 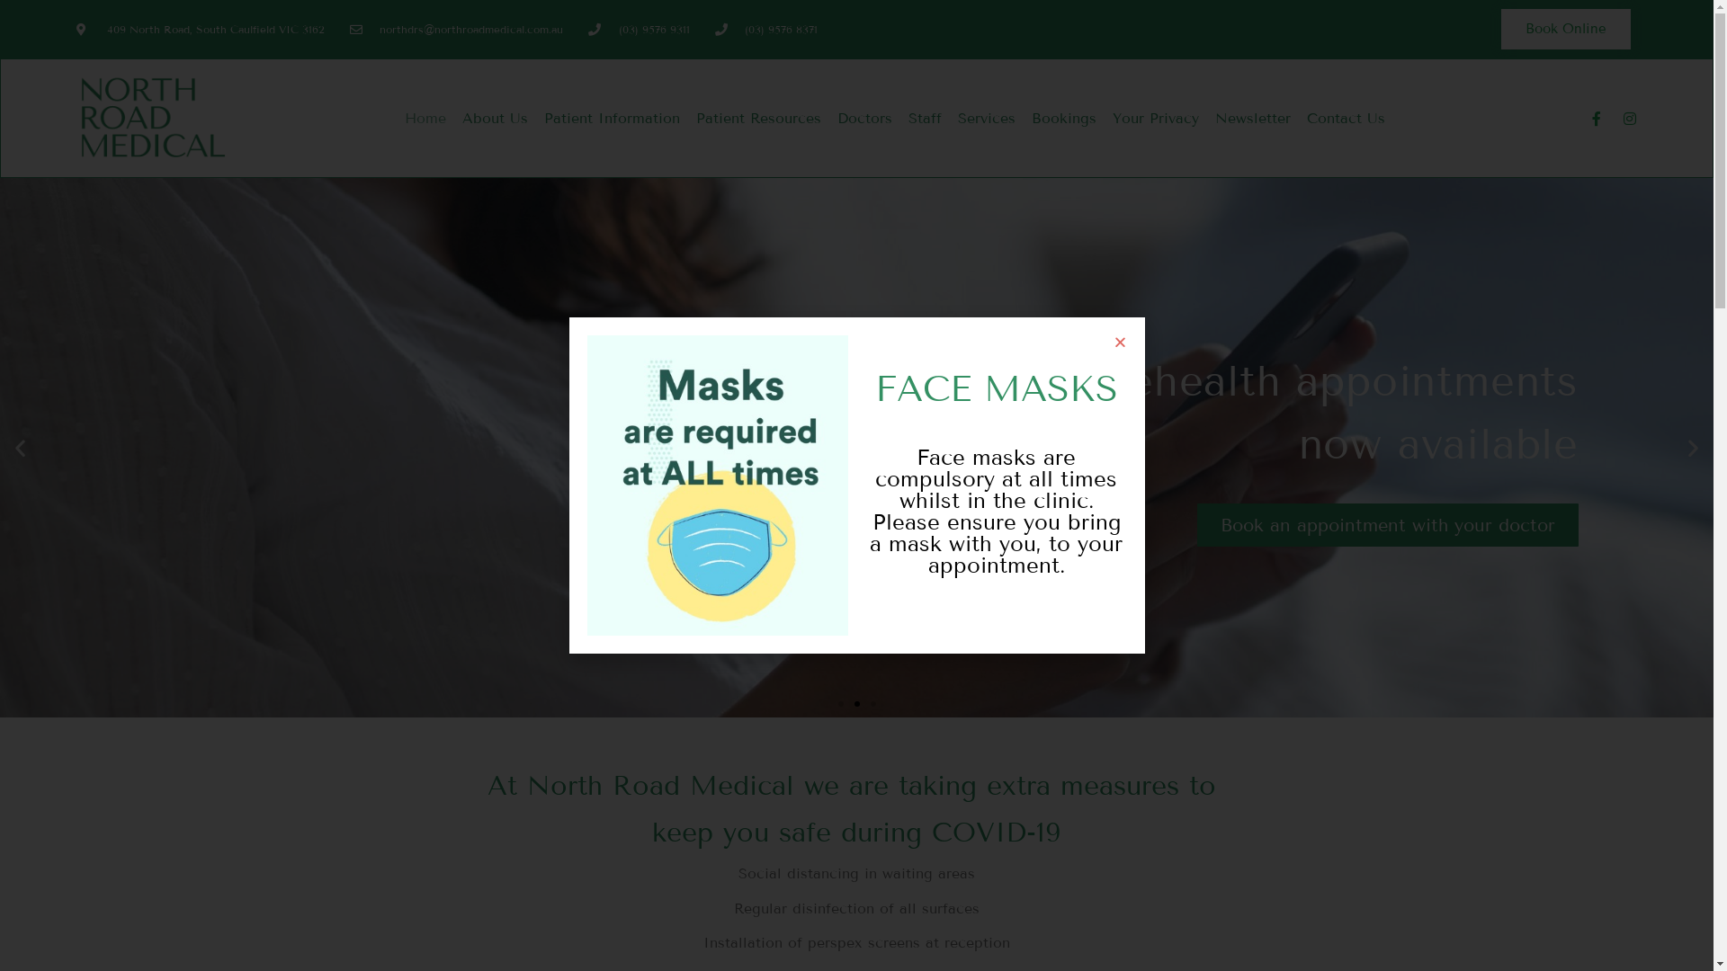 What do you see at coordinates (453, 118) in the screenshot?
I see `'About Us'` at bounding box center [453, 118].